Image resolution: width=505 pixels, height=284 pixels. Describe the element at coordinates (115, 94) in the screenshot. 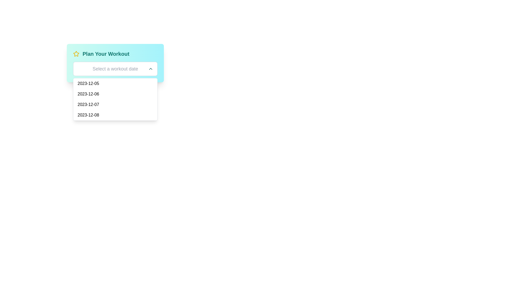

I see `the date '2023-12-06' in the dropdown menu` at that location.